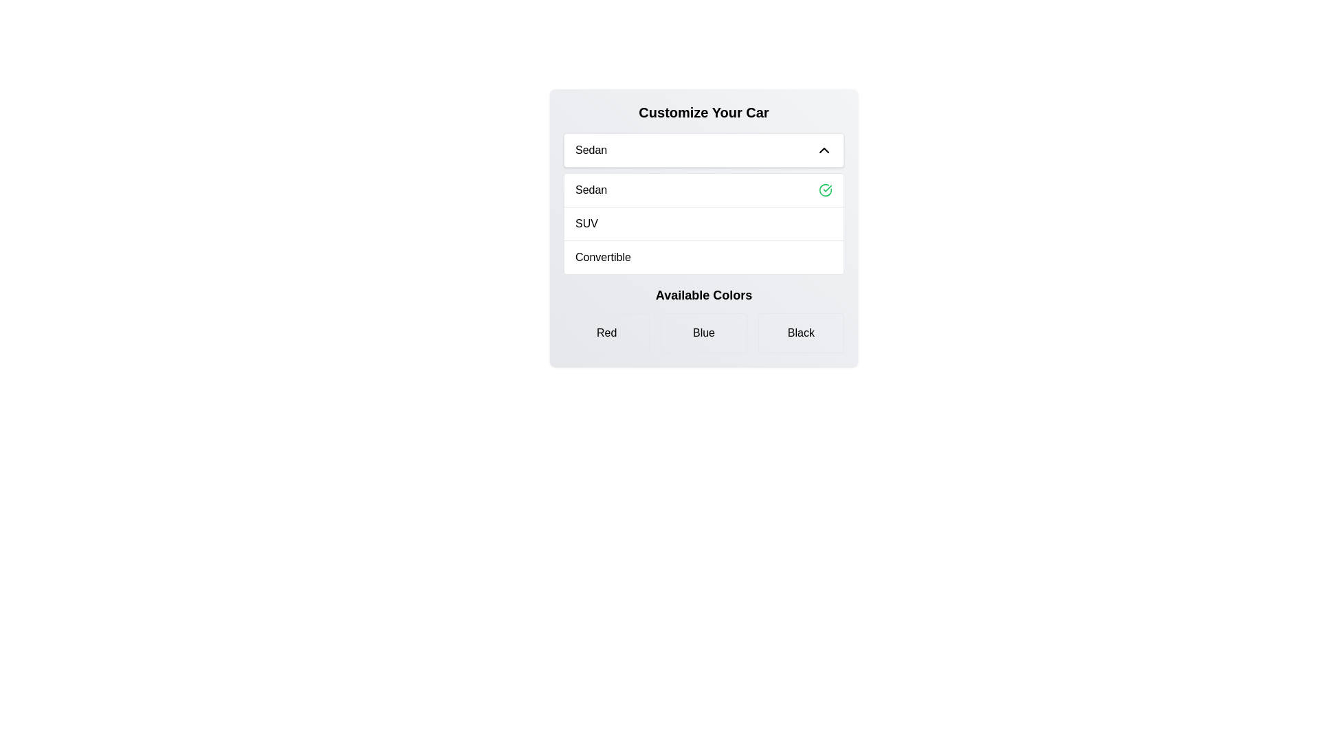 This screenshot has width=1320, height=742. Describe the element at coordinates (801, 333) in the screenshot. I see `the 'Black' color selection button located at the far-right position among three sibling buttons ('Red', 'Blue', and 'Black') below the 'Available Colors' header` at that location.